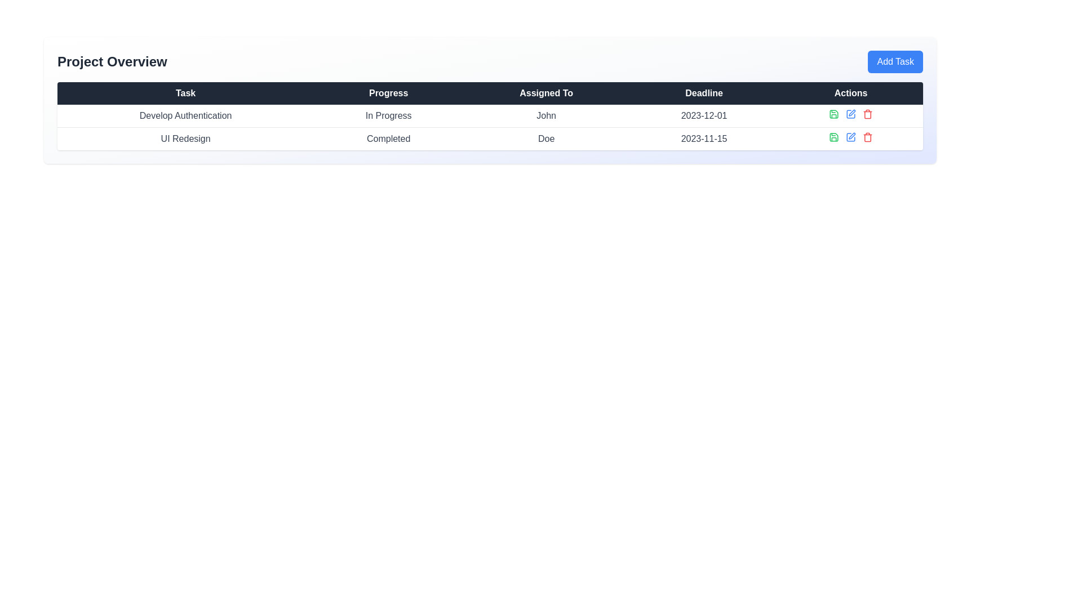  I want to click on the save disk icon in the 'Actions' column of the second row in the table associated with the 'UI Redesign' task, so click(833, 114).